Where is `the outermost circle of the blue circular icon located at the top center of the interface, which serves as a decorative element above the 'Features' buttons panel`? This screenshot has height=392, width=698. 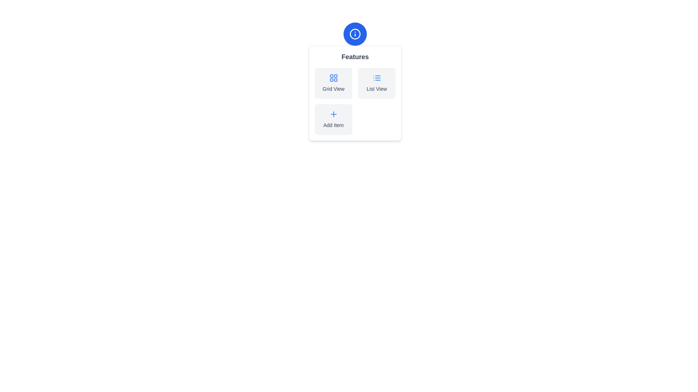 the outermost circle of the blue circular icon located at the top center of the interface, which serves as a decorative element above the 'Features' buttons panel is located at coordinates (355, 34).